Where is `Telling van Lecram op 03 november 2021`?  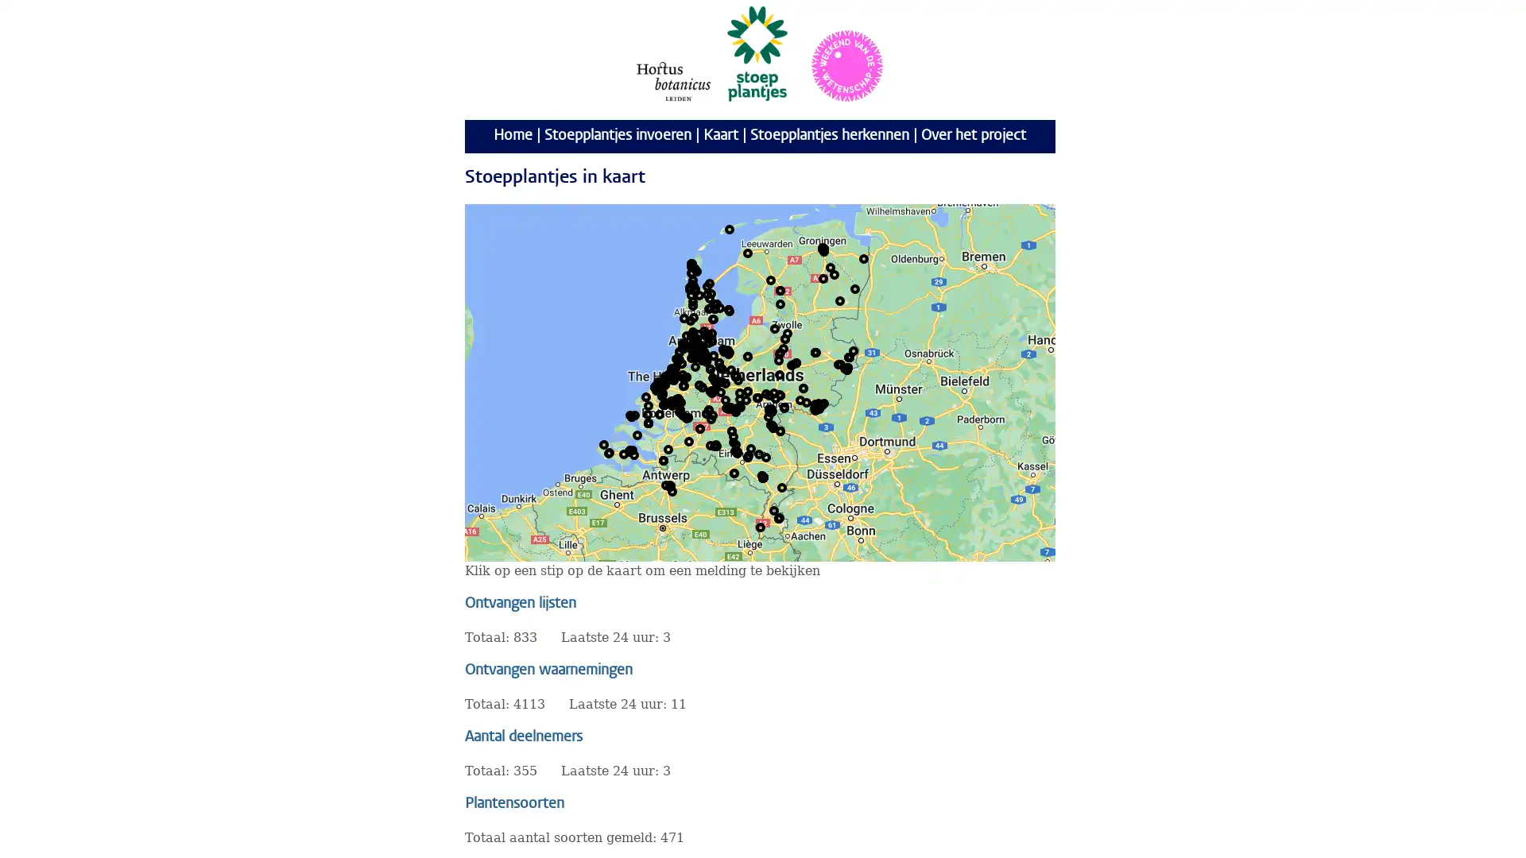
Telling van Lecram op 03 november 2021 is located at coordinates (739, 406).